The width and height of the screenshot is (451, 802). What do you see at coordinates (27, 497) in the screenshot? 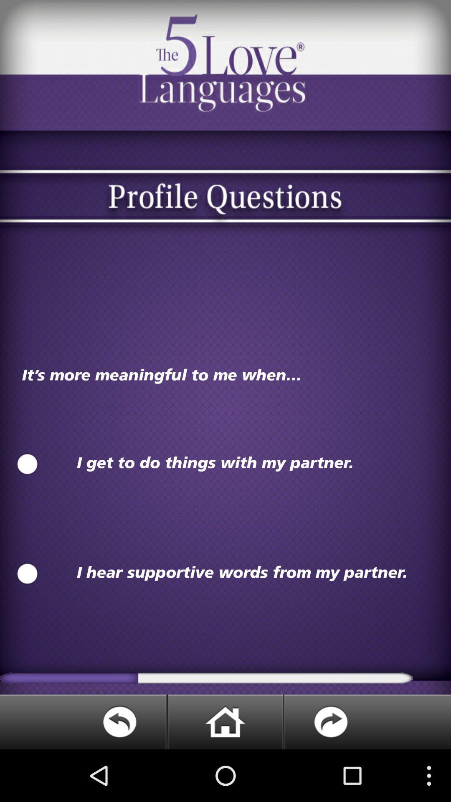
I see `the avatar icon` at bounding box center [27, 497].